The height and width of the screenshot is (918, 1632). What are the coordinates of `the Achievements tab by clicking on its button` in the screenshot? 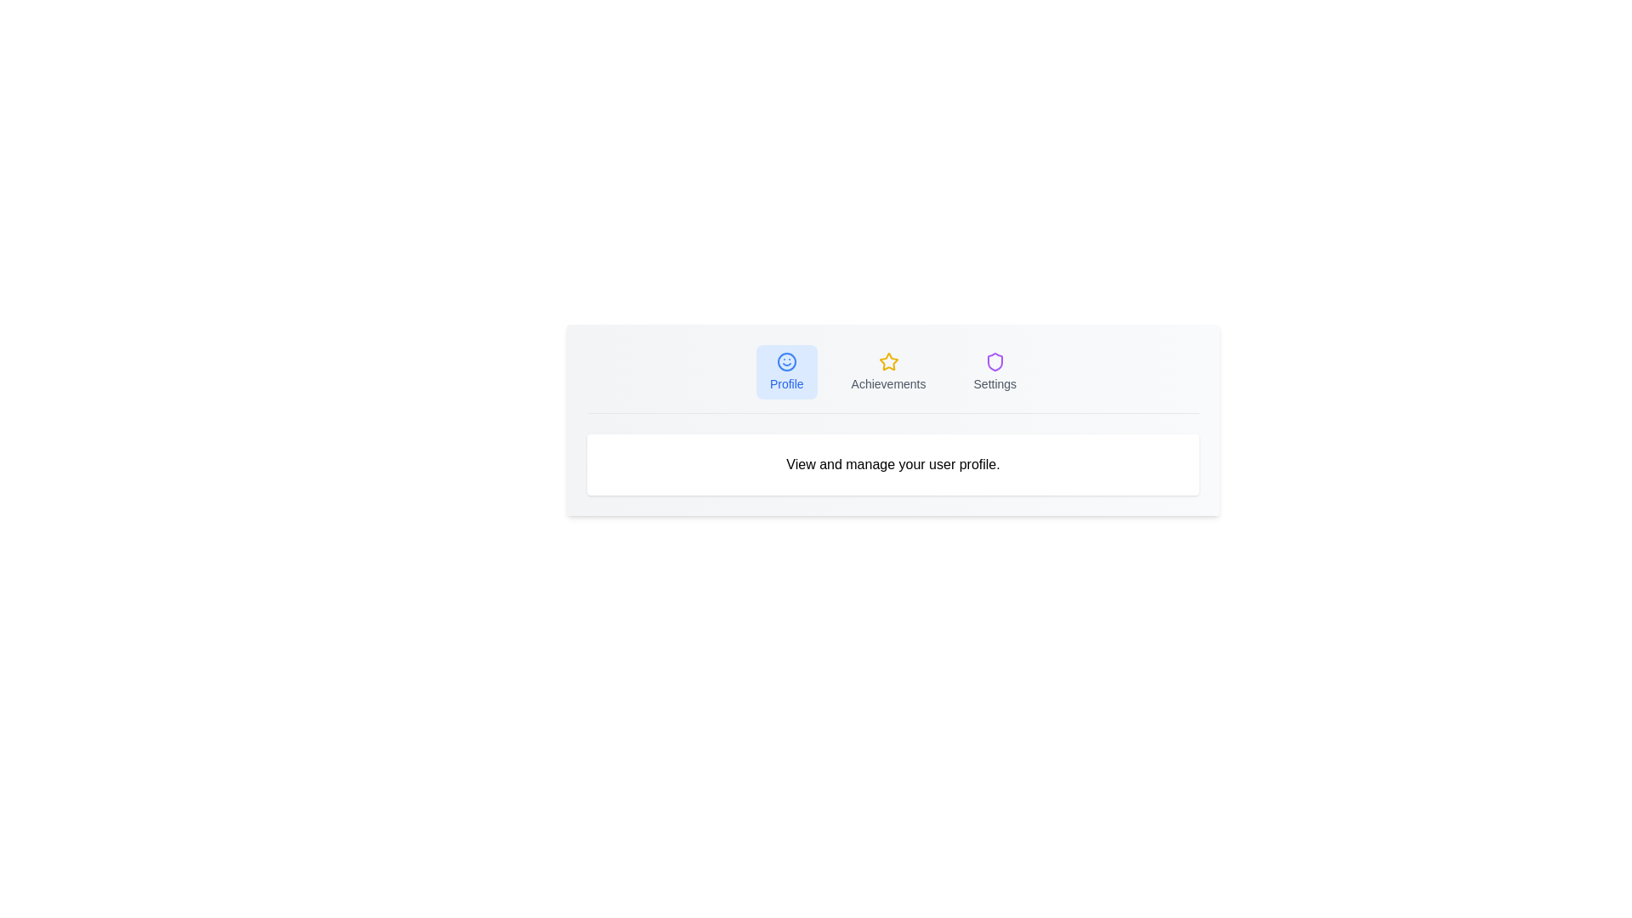 It's located at (887, 371).